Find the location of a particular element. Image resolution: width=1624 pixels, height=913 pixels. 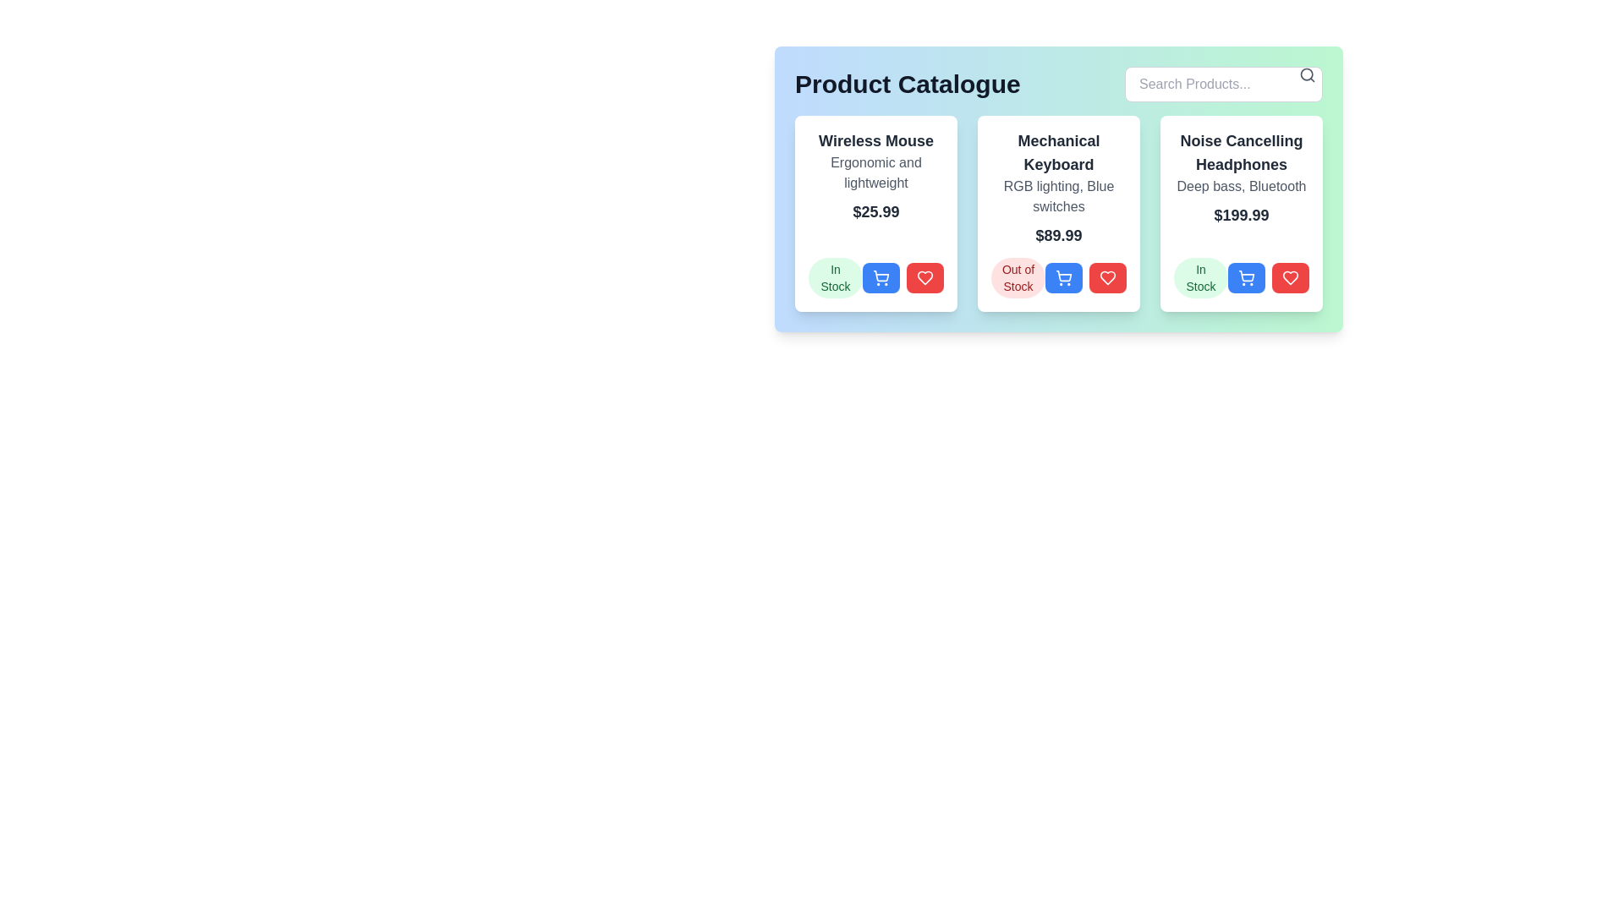

the circular component of the magnifying glass icon located in the top-right corner of the interface, adjacent to the search bar is located at coordinates (1306, 74).